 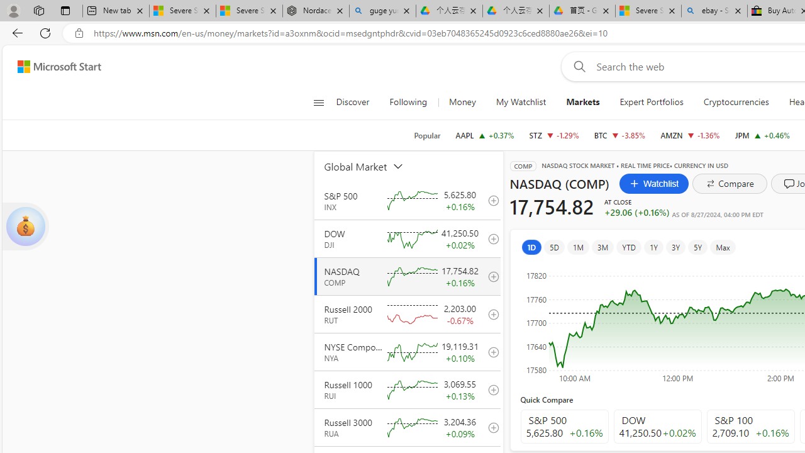 What do you see at coordinates (582, 102) in the screenshot?
I see `'Markets'` at bounding box center [582, 102].